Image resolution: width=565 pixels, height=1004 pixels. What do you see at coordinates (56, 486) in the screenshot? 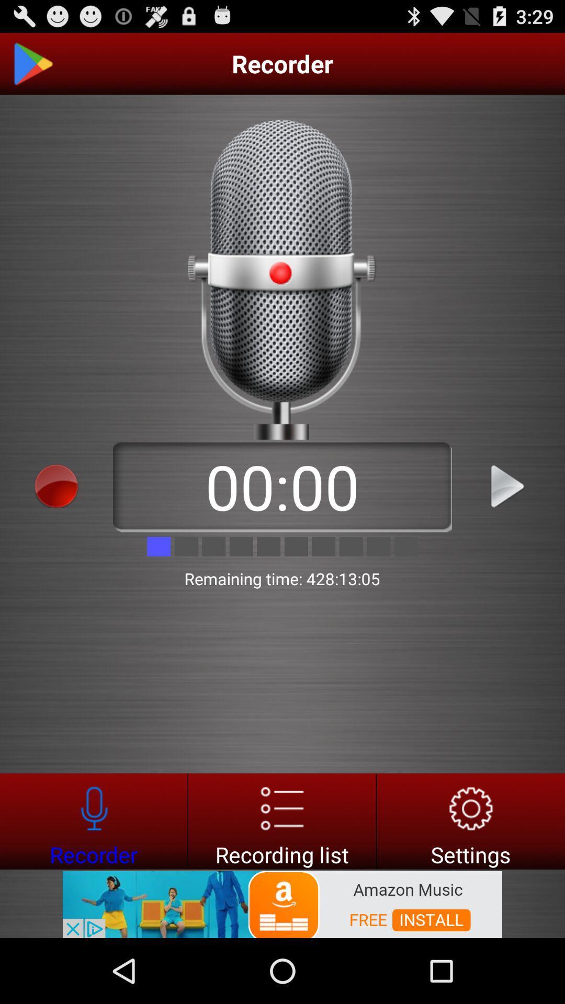
I see `record options` at bounding box center [56, 486].